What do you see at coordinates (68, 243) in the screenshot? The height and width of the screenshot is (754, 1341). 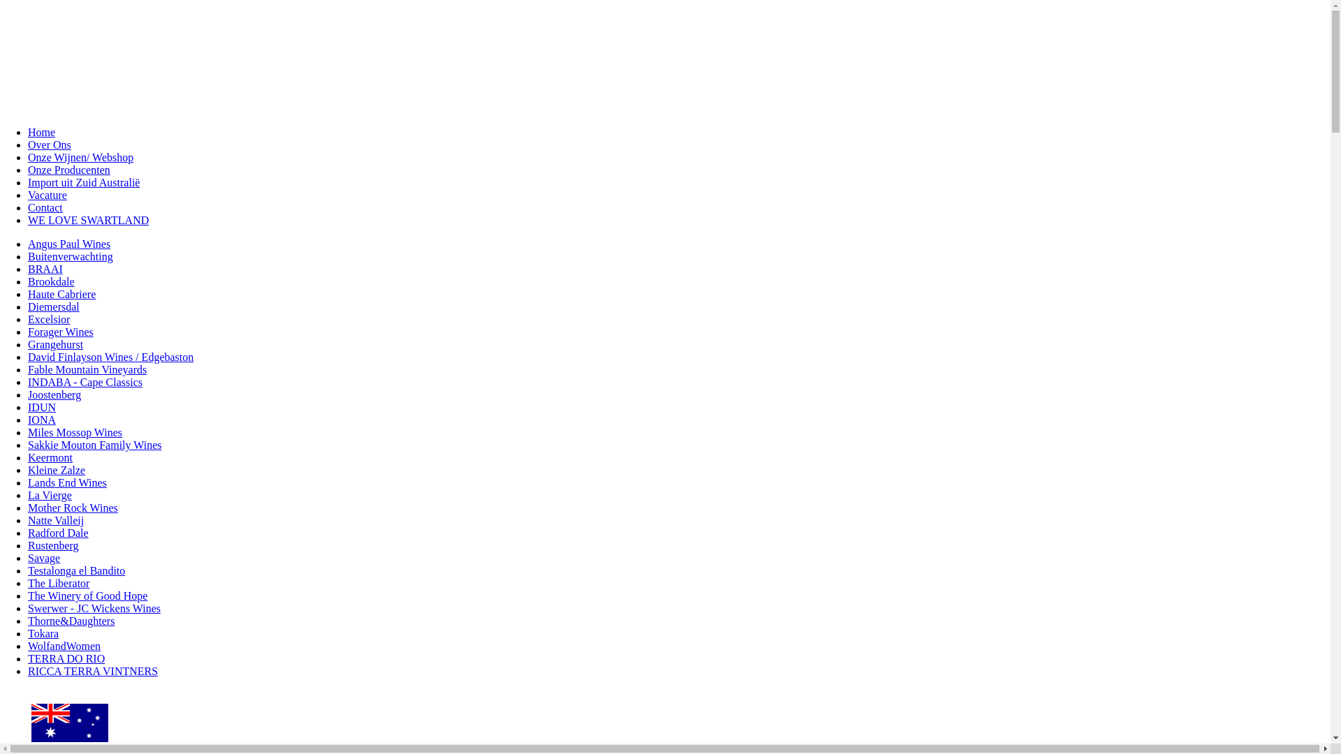 I see `'Angus Paul Wines'` at bounding box center [68, 243].